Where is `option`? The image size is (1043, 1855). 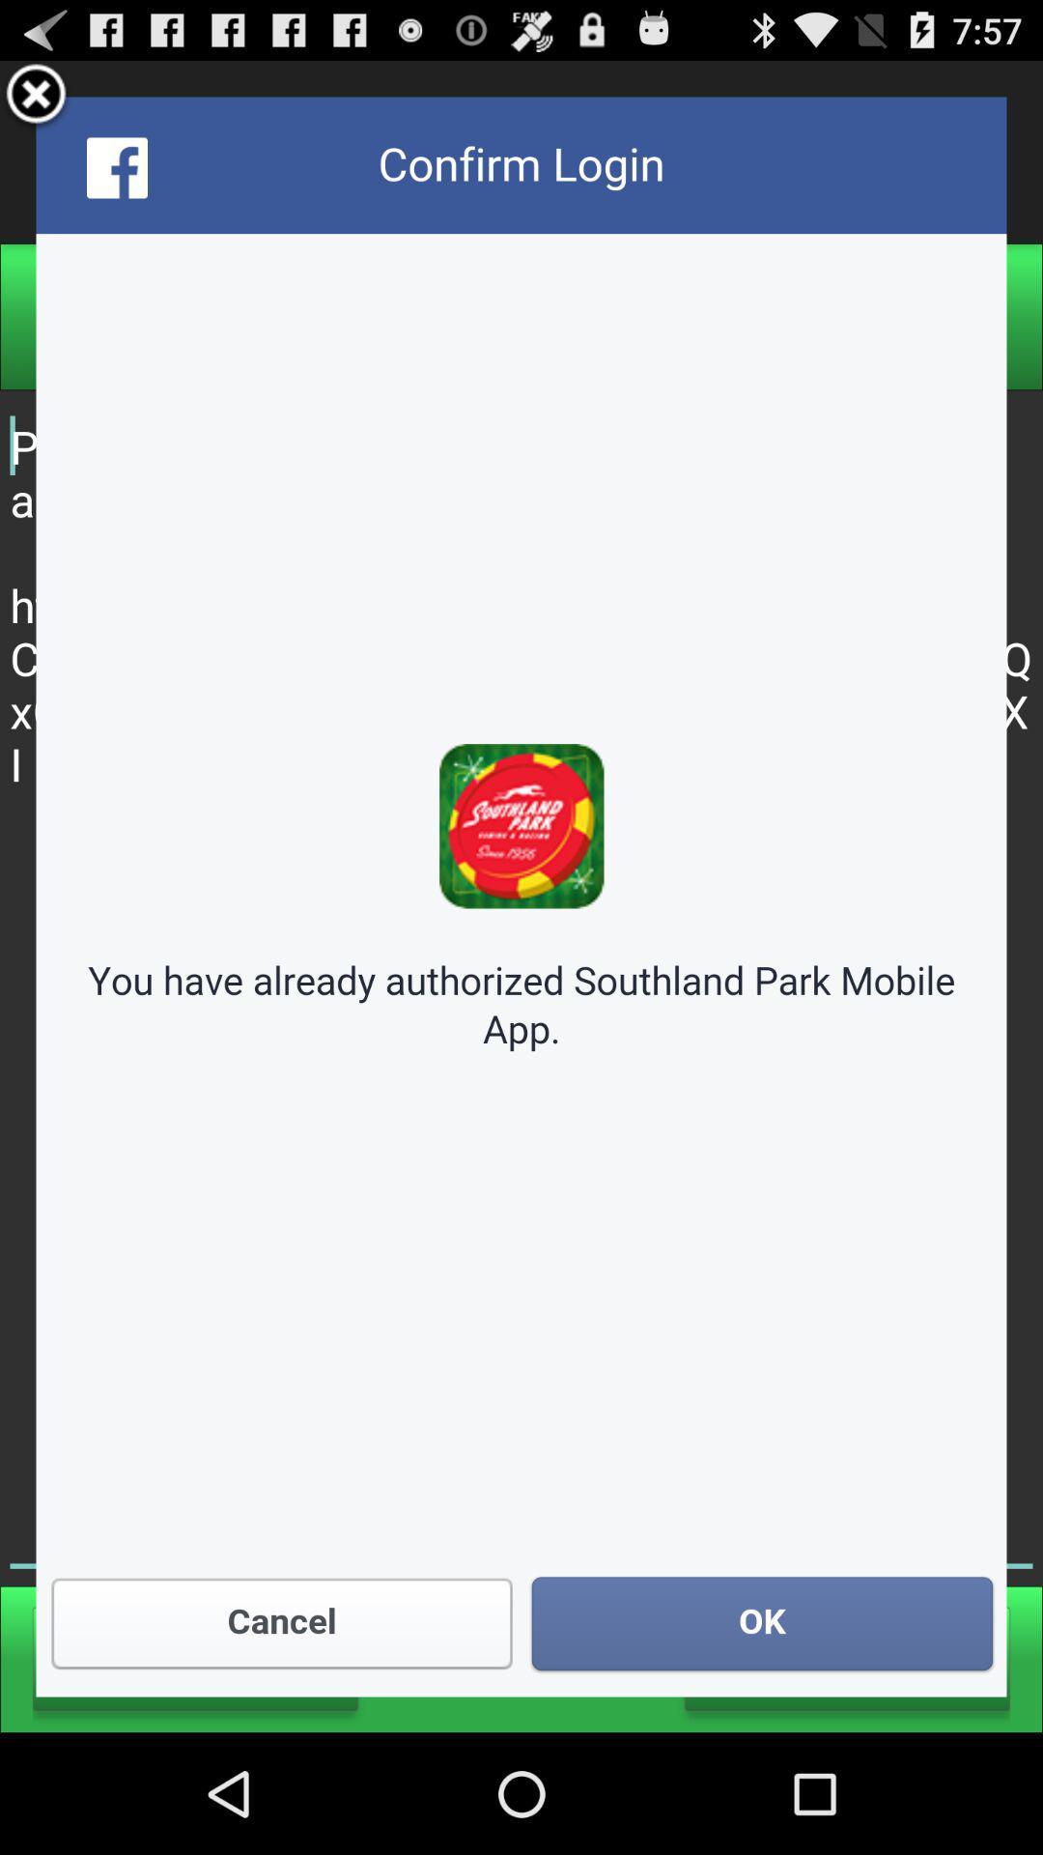
option is located at coordinates (36, 96).